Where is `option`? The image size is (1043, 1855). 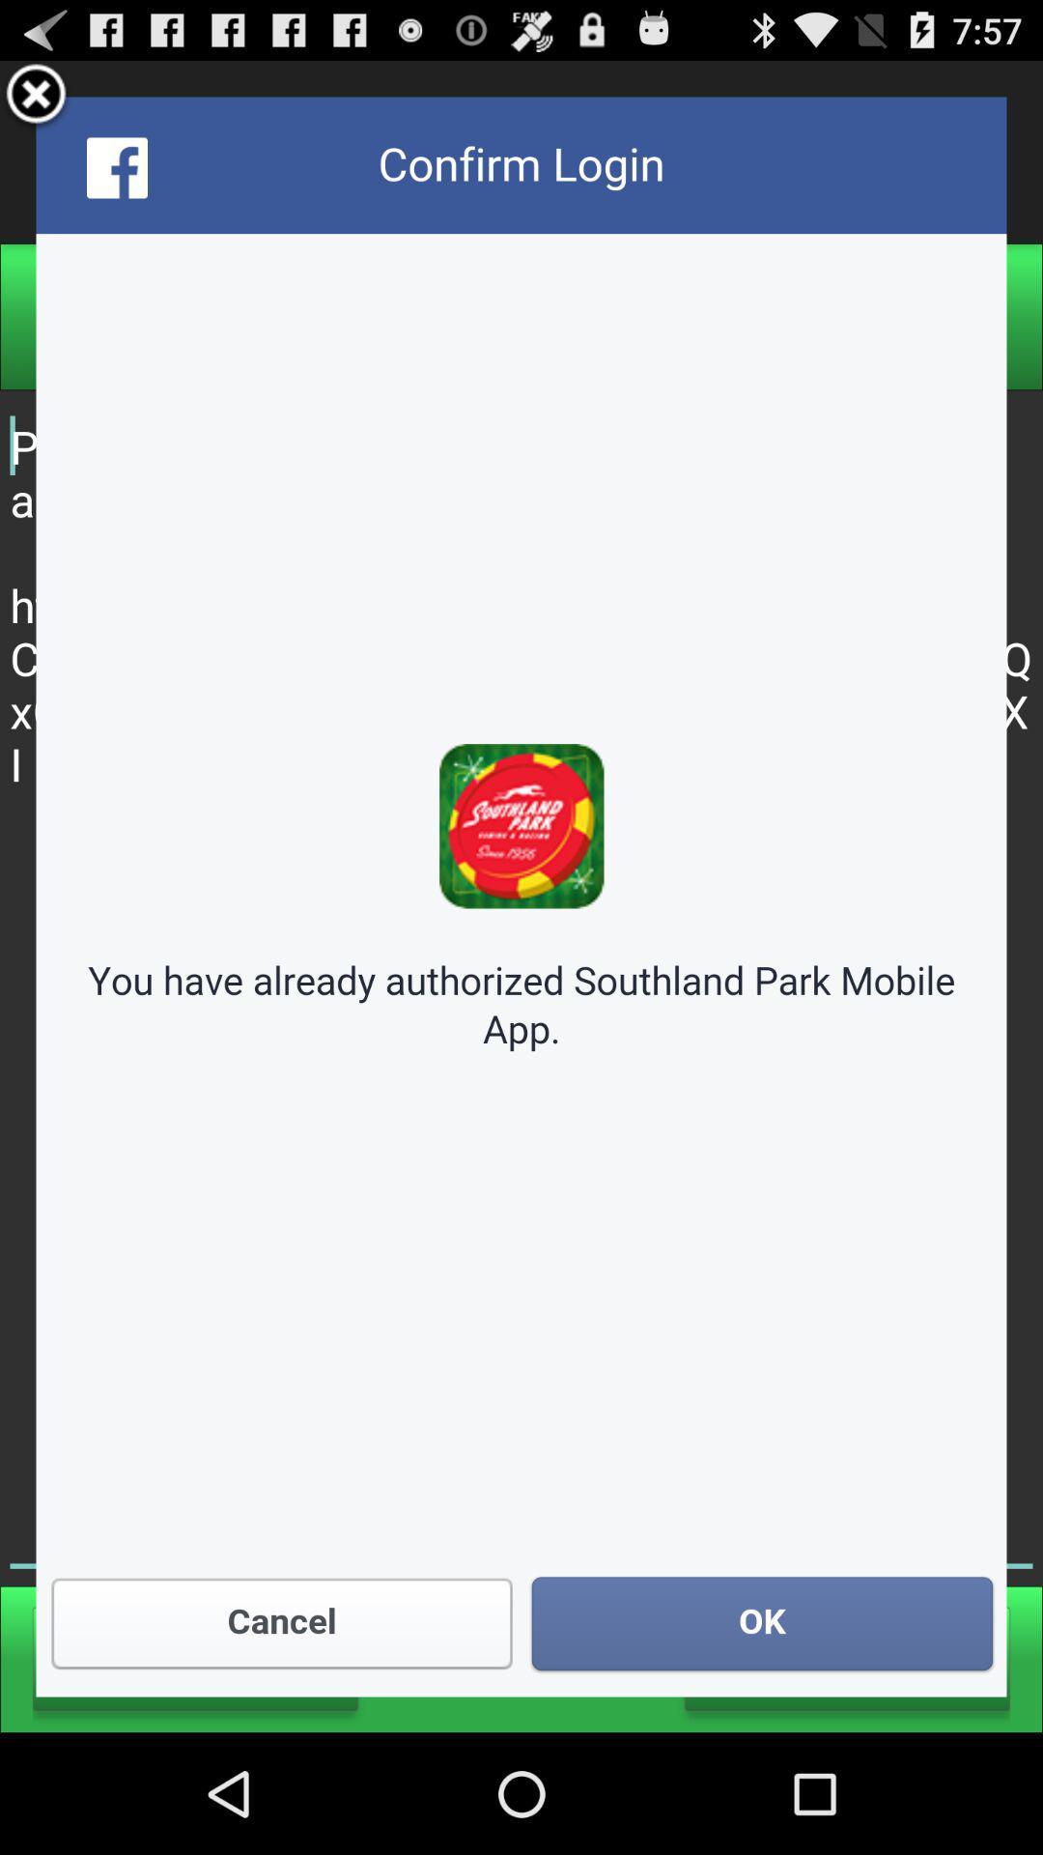
option is located at coordinates (36, 96).